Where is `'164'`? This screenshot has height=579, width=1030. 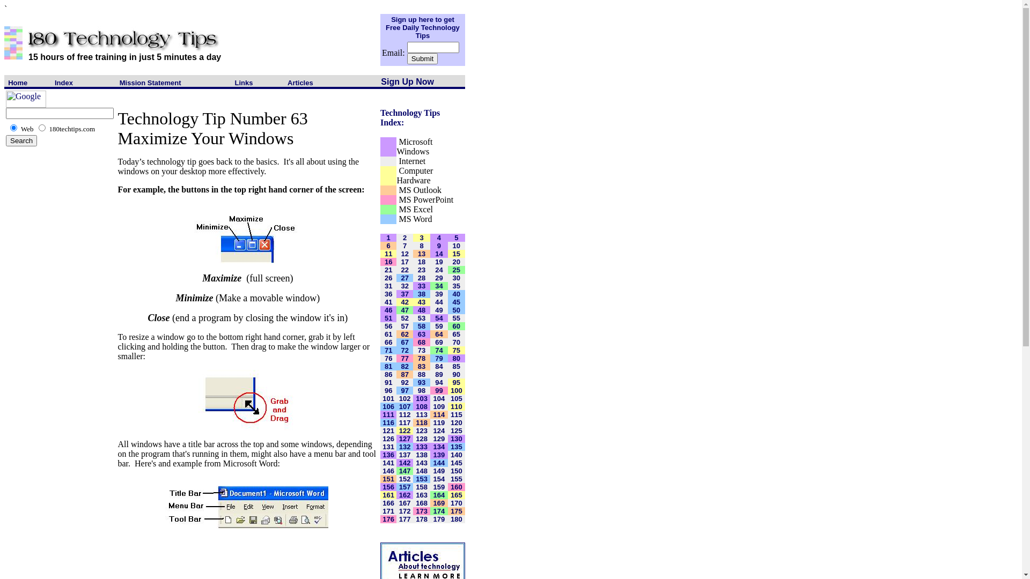
'164' is located at coordinates (439, 494).